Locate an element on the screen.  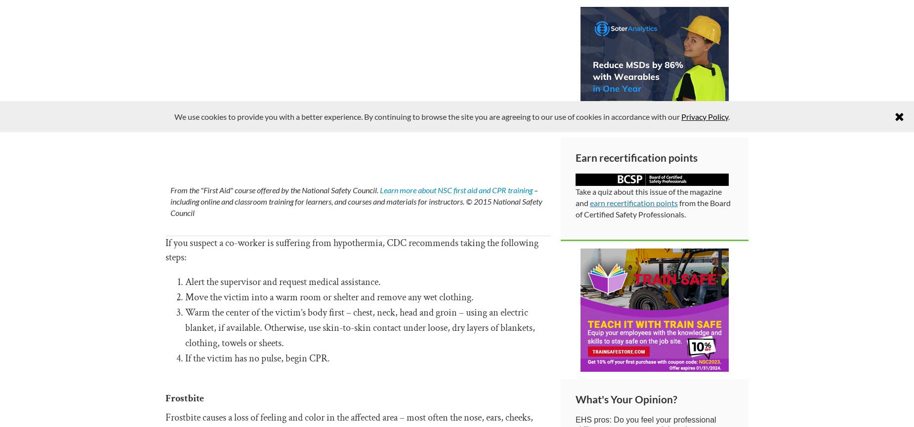
'Warm the center of the victim’s body first – chest, neck, head and groin – using an electric blanket, if available. Otherwise, use skin-to-skin contact under loose, dry layers of blankets, clothing, towels or sheets.' is located at coordinates (360, 327).